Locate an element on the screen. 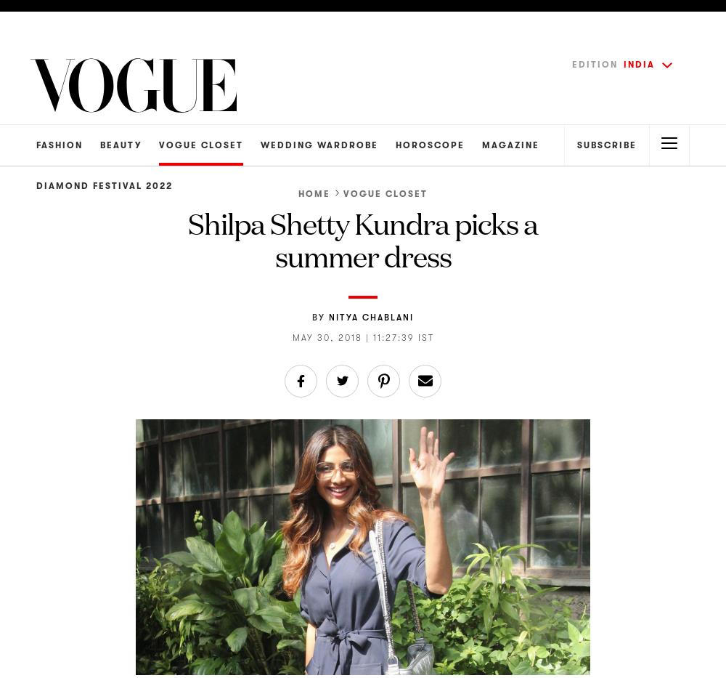 The height and width of the screenshot is (678, 726). 'Beauty' is located at coordinates (121, 145).